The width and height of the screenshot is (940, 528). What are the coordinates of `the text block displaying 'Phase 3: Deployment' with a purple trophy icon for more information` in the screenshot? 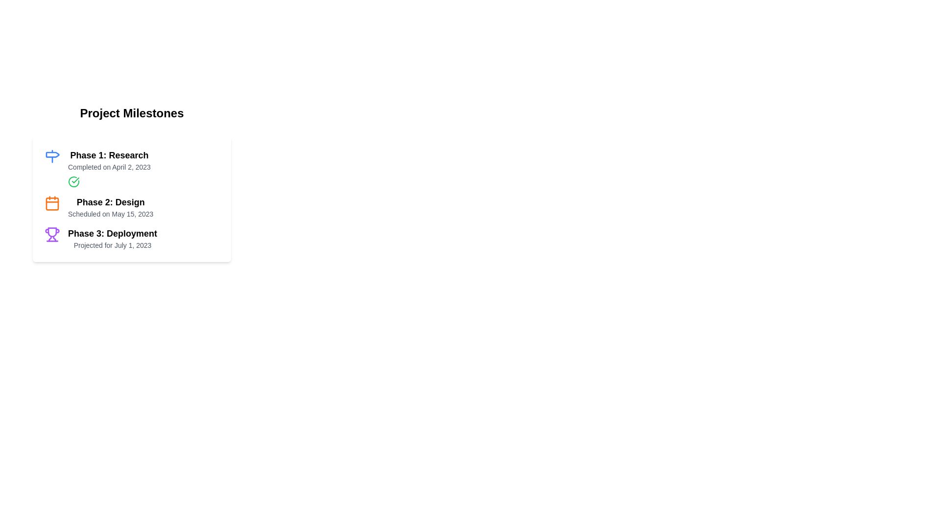 It's located at (131, 239).